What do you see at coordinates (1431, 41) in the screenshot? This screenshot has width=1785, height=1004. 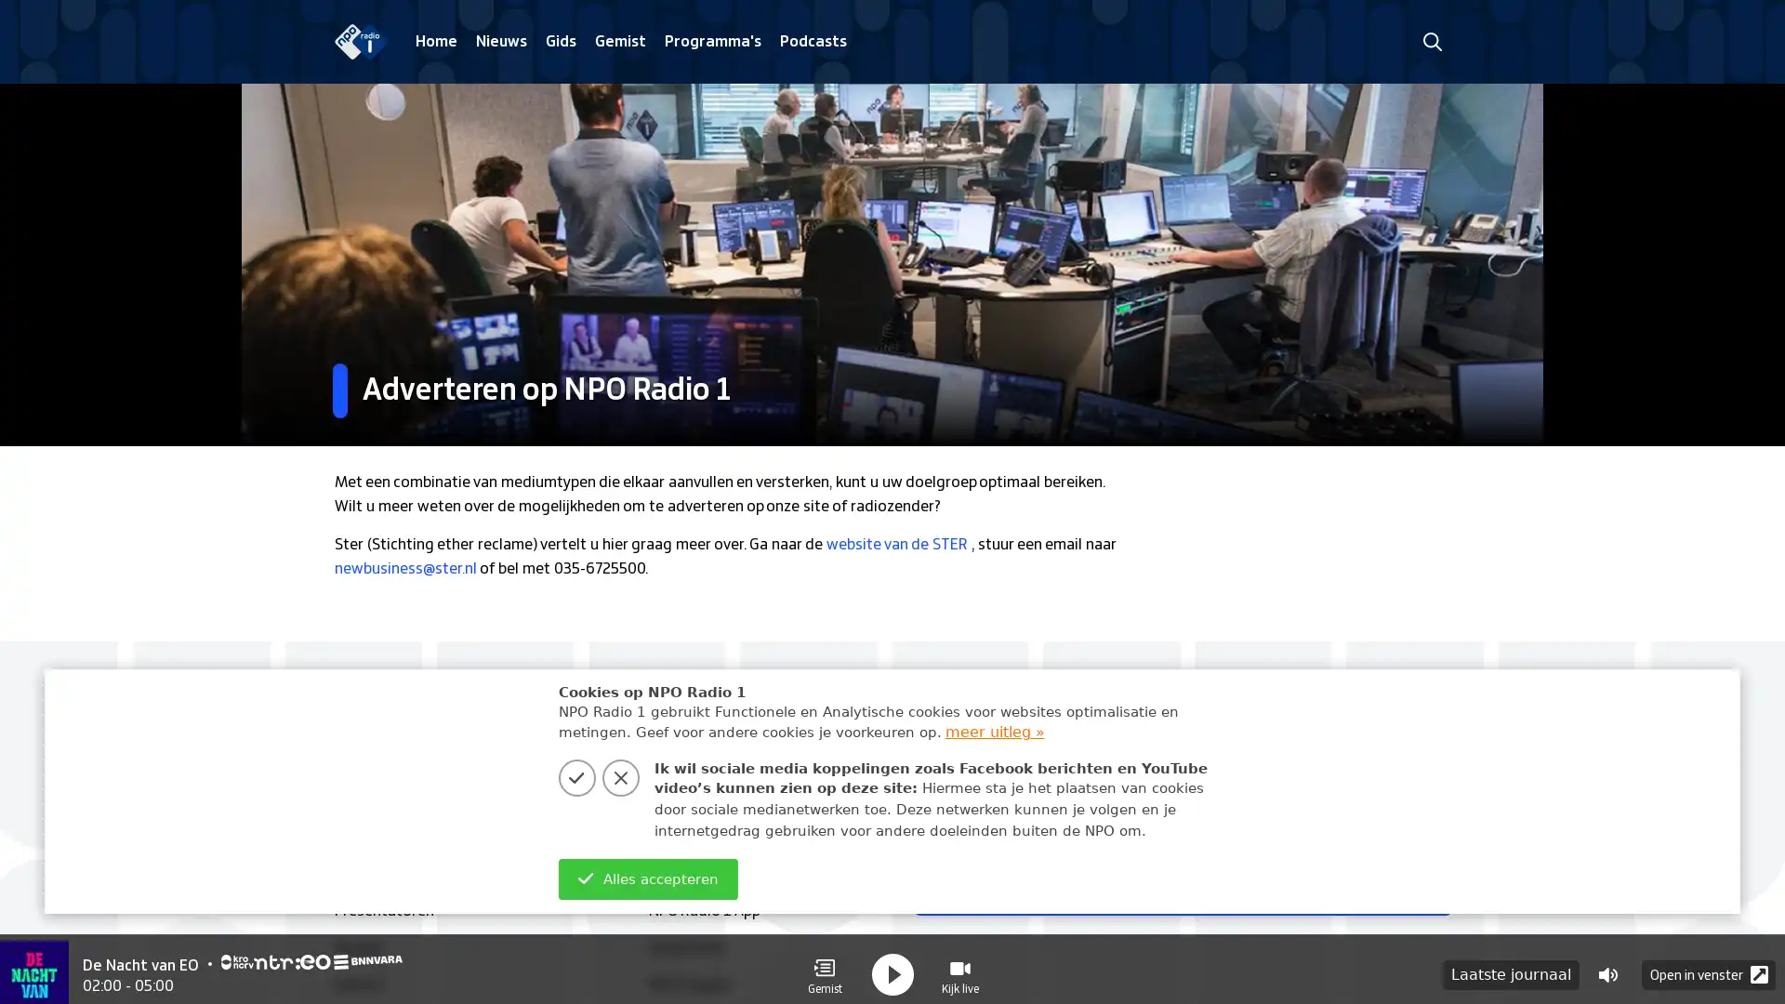 I see `zoeken` at bounding box center [1431, 41].